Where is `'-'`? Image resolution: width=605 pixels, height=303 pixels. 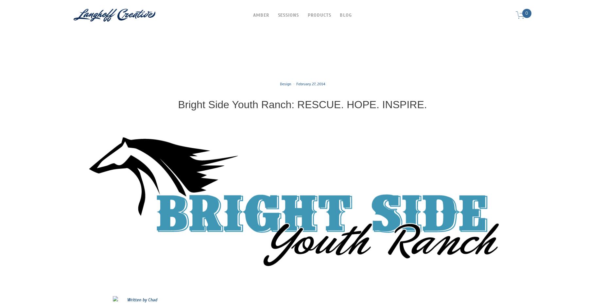 '-' is located at coordinates (157, 300).